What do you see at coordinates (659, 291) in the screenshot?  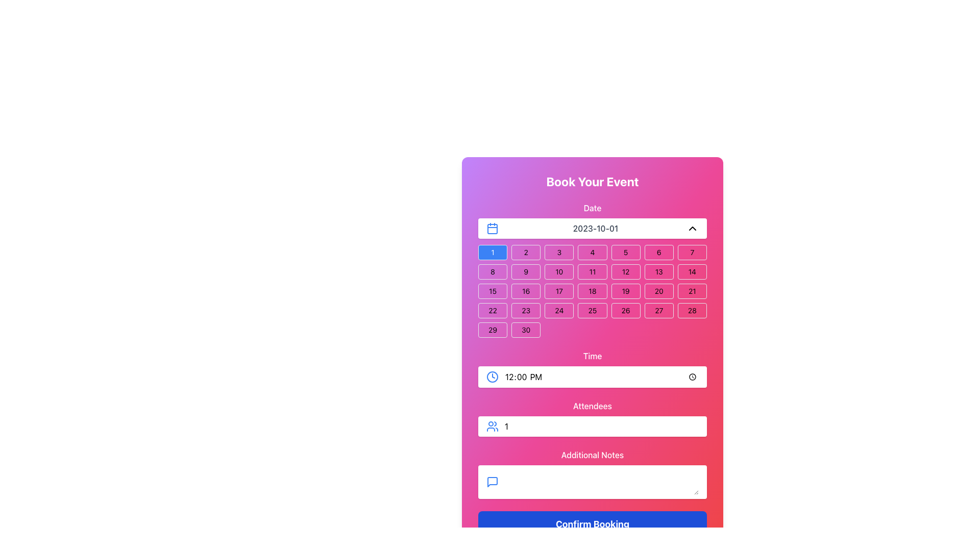 I see `the date selection button for the 20th of the month in the date picker interface` at bounding box center [659, 291].